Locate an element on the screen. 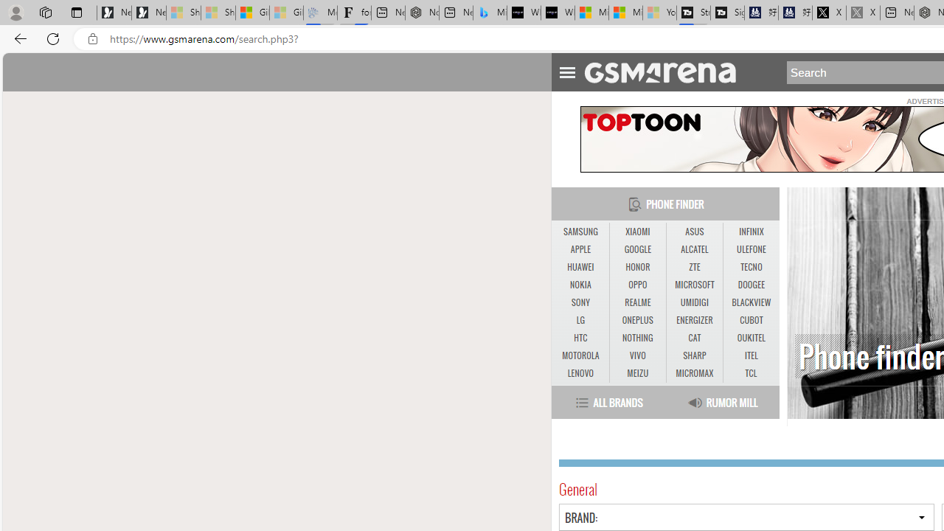  'BLACKVIEW' is located at coordinates (751, 302).